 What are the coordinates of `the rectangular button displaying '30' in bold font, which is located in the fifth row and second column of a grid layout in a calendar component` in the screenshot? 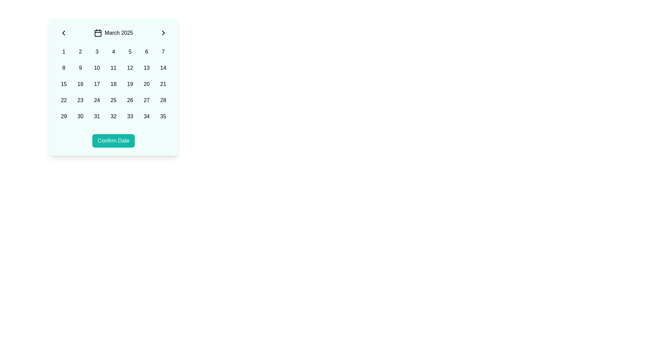 It's located at (80, 116).